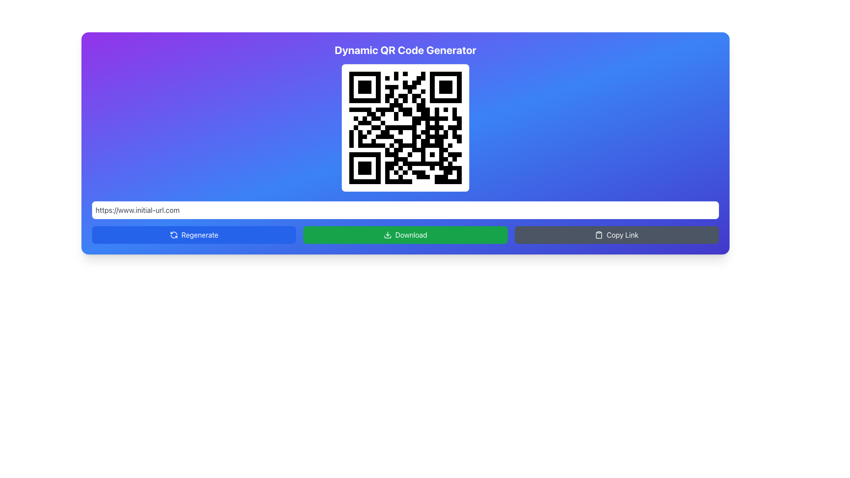 This screenshot has height=478, width=850. What do you see at coordinates (174, 235) in the screenshot?
I see `the refresh icon within the blue 'Regenerate' button` at bounding box center [174, 235].